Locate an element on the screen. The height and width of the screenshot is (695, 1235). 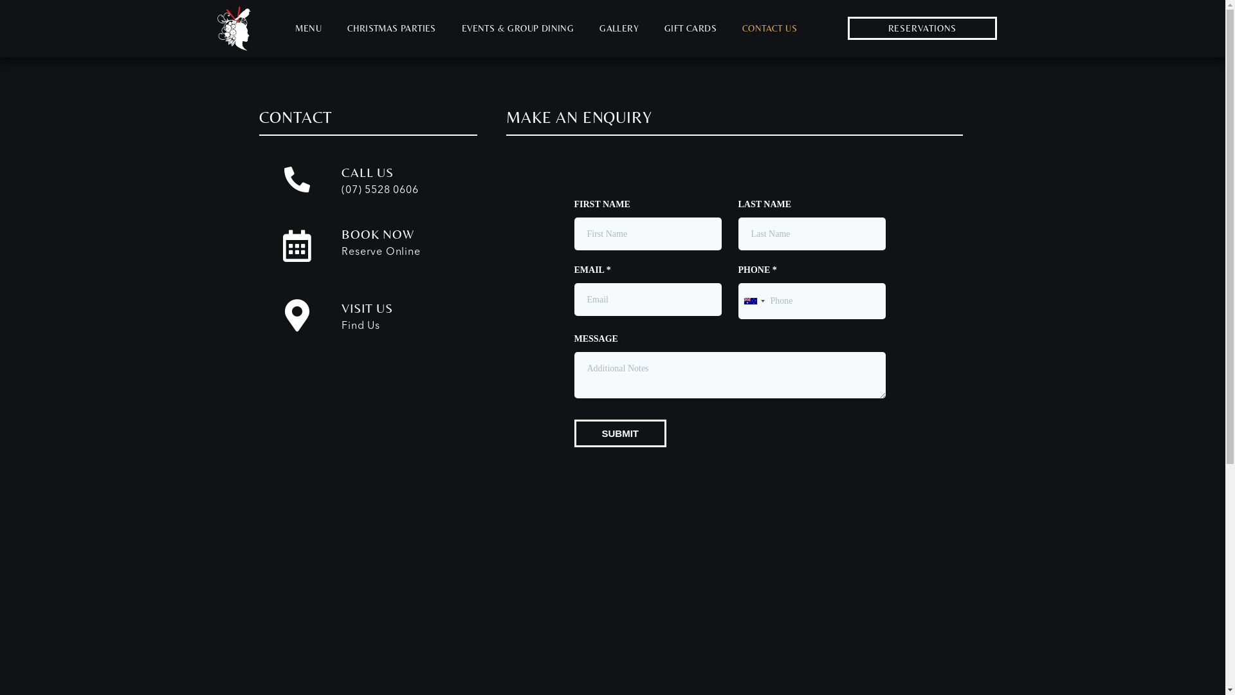
'GALLERY' is located at coordinates (619, 28).